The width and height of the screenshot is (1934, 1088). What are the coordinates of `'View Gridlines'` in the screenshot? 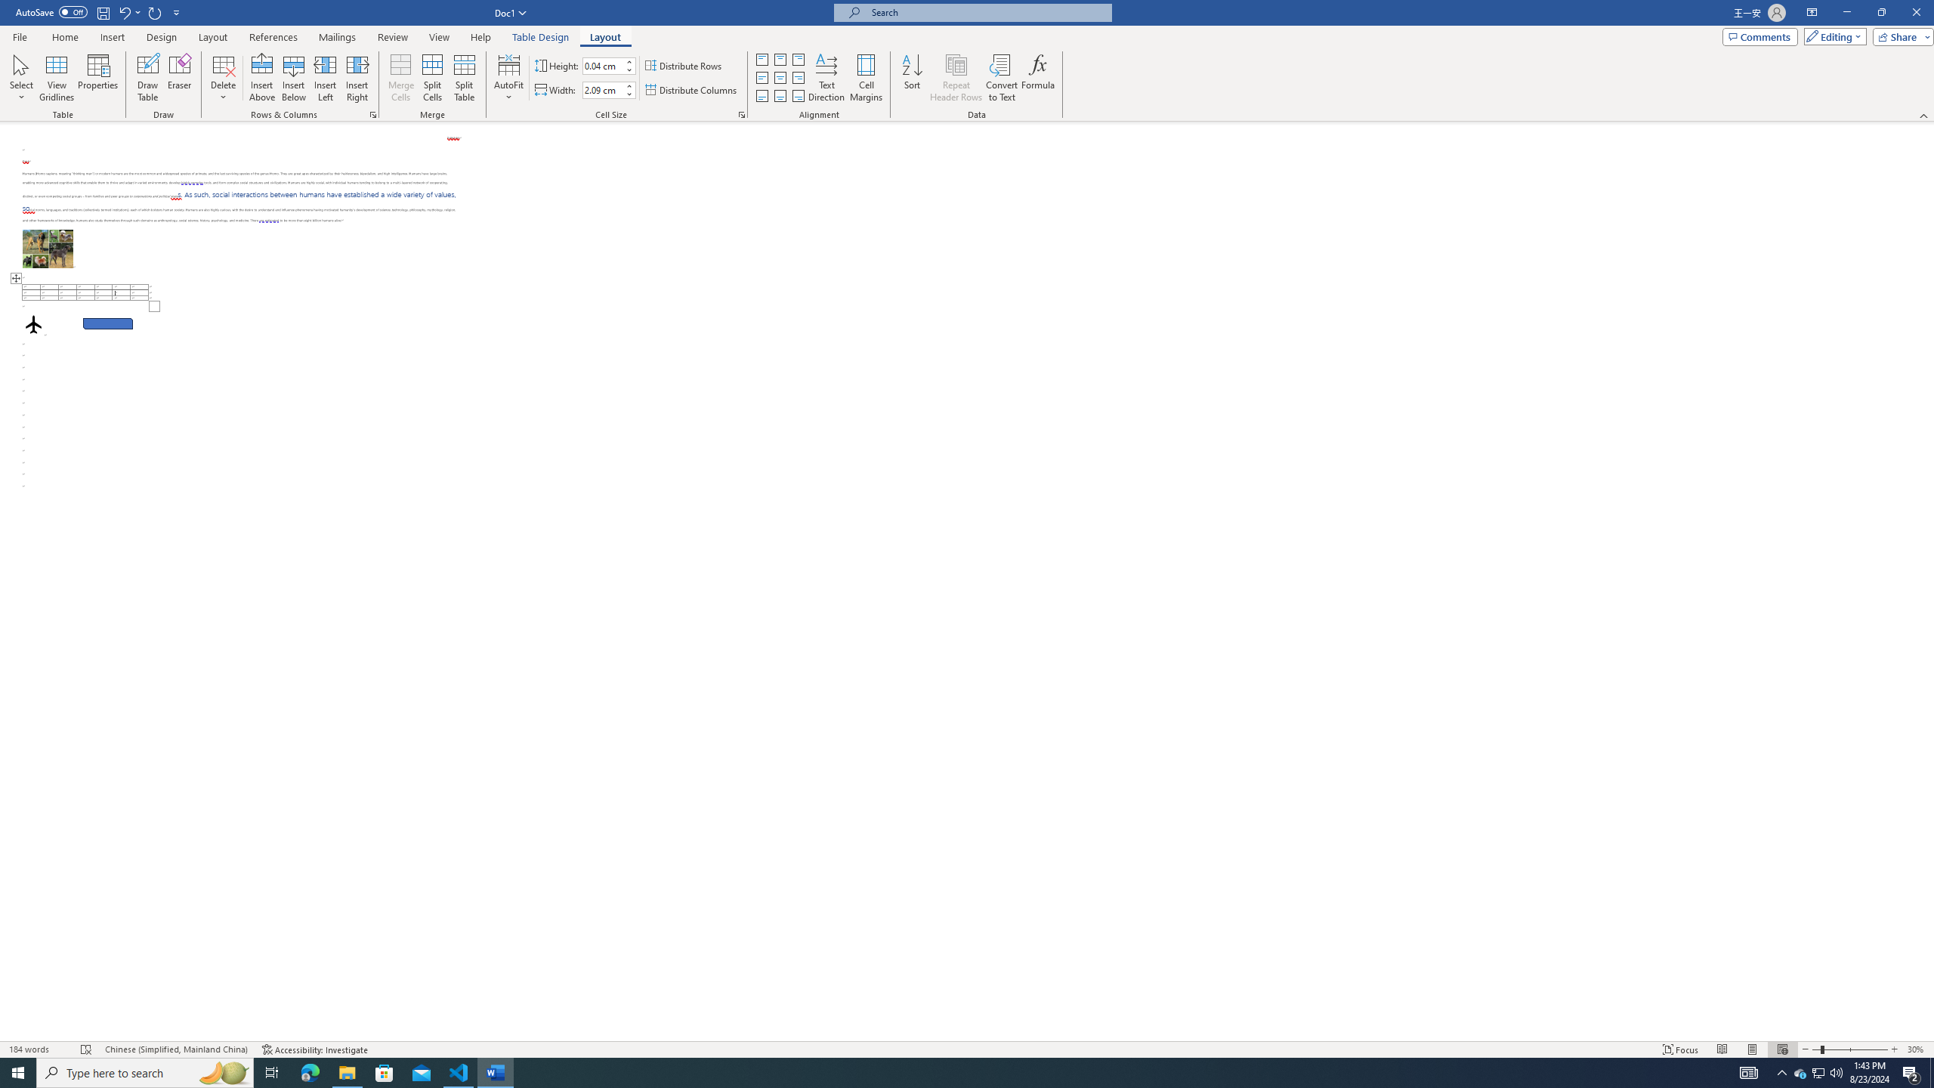 It's located at (56, 78).